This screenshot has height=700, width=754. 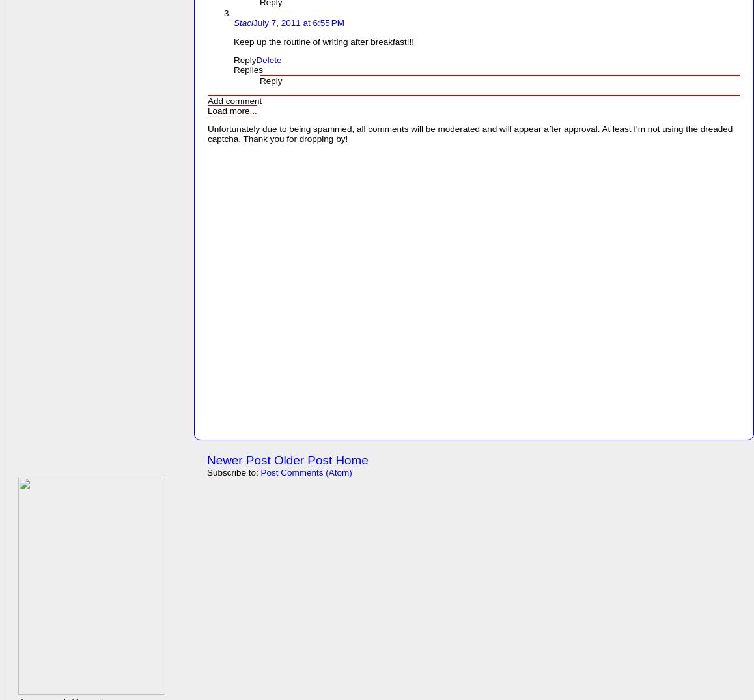 What do you see at coordinates (298, 22) in the screenshot?
I see `'July 7, 2011 at 6:55 PM'` at bounding box center [298, 22].